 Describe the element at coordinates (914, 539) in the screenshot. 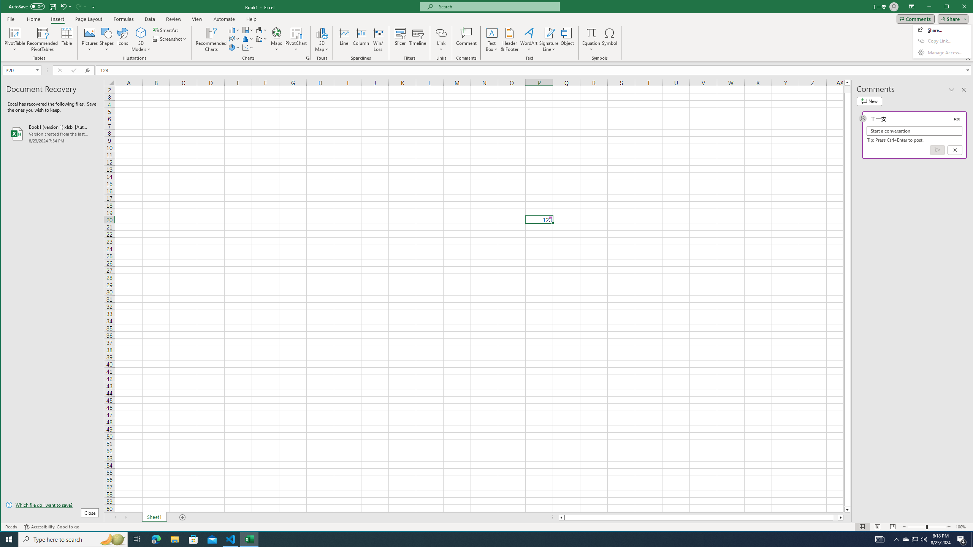

I see `'Notification Chevron'` at that location.